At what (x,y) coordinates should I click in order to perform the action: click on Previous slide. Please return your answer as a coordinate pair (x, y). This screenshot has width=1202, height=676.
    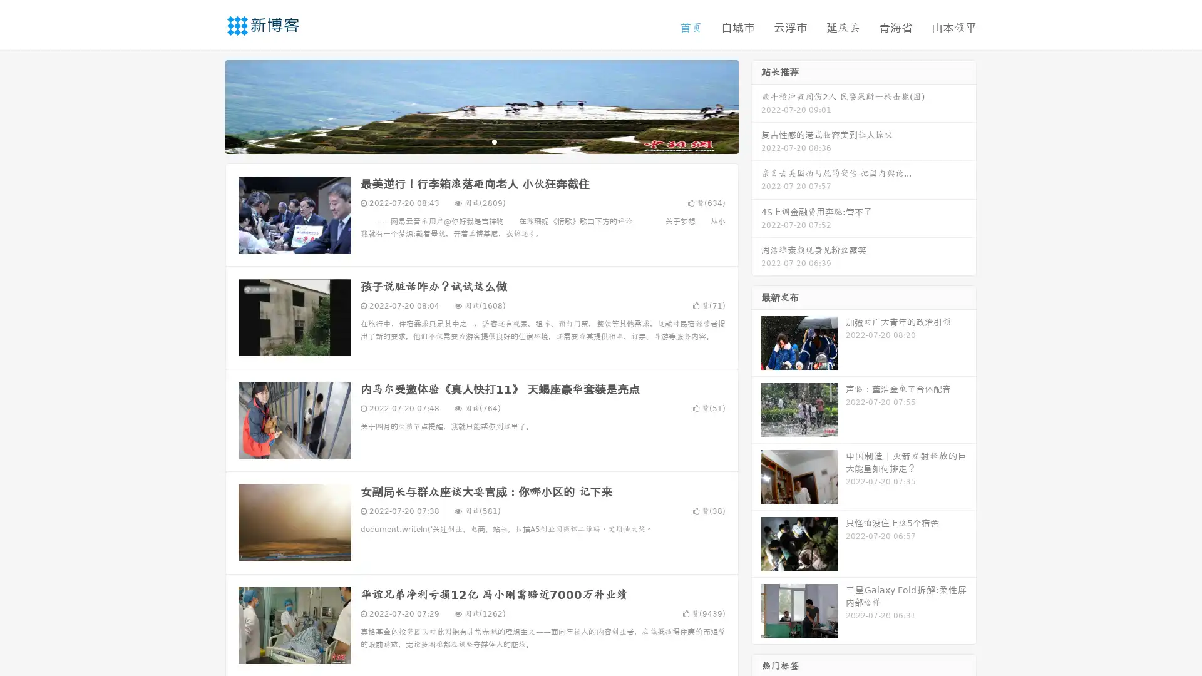
    Looking at the image, I should click on (207, 105).